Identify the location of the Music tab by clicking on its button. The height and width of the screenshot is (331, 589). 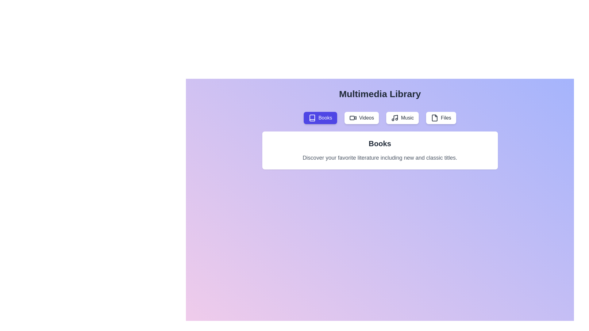
(402, 118).